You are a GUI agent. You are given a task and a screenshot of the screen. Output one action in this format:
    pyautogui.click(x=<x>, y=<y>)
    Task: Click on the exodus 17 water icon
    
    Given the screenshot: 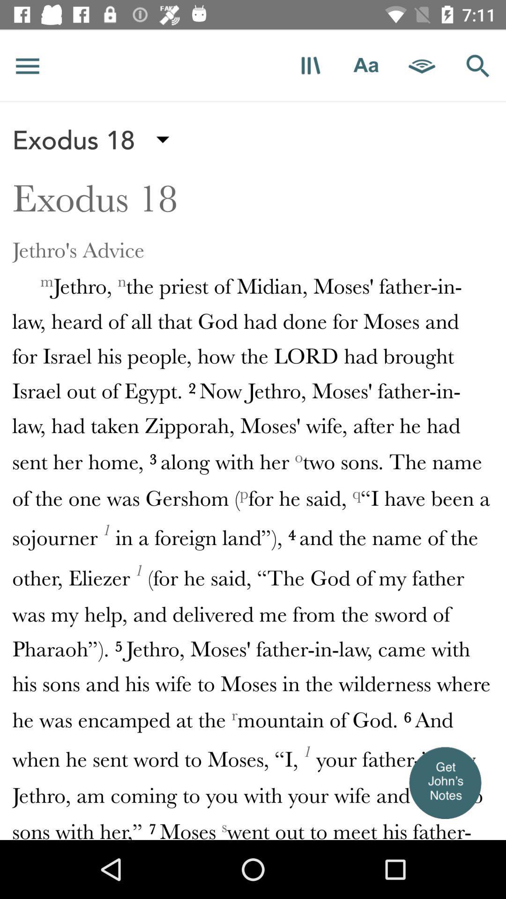 What is the action you would take?
    pyautogui.click(x=253, y=29)
    